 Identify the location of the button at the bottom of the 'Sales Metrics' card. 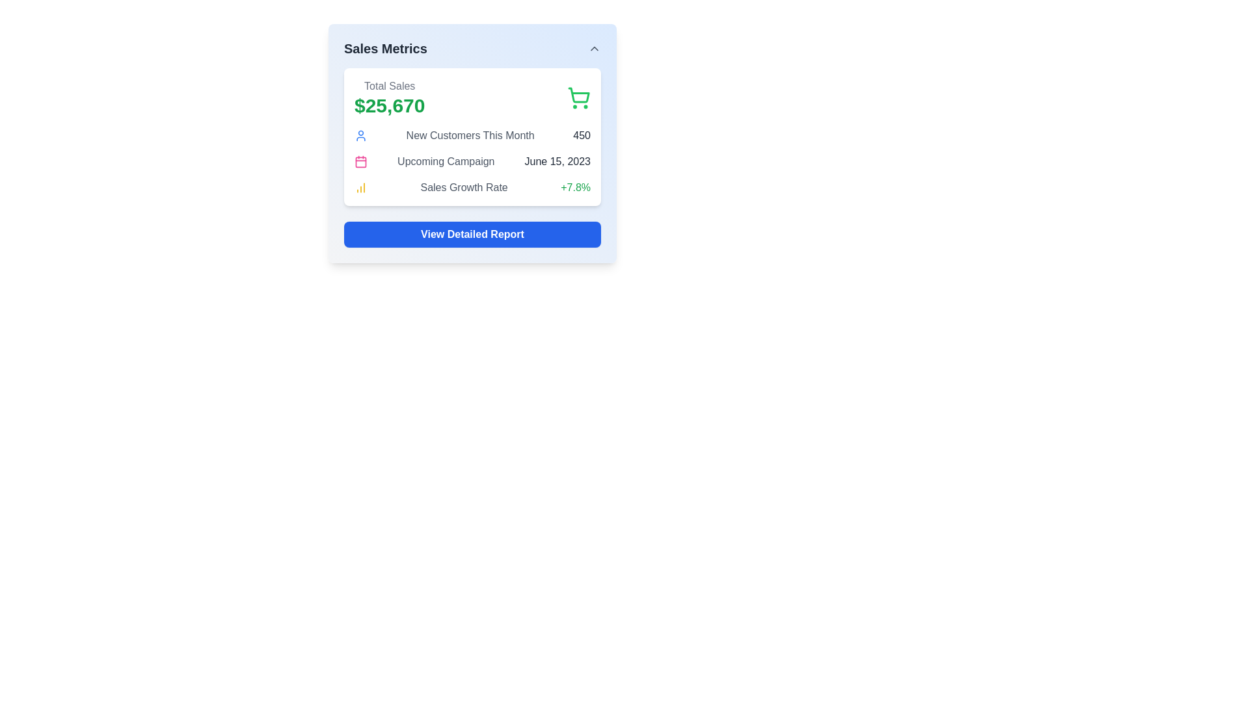
(472, 235).